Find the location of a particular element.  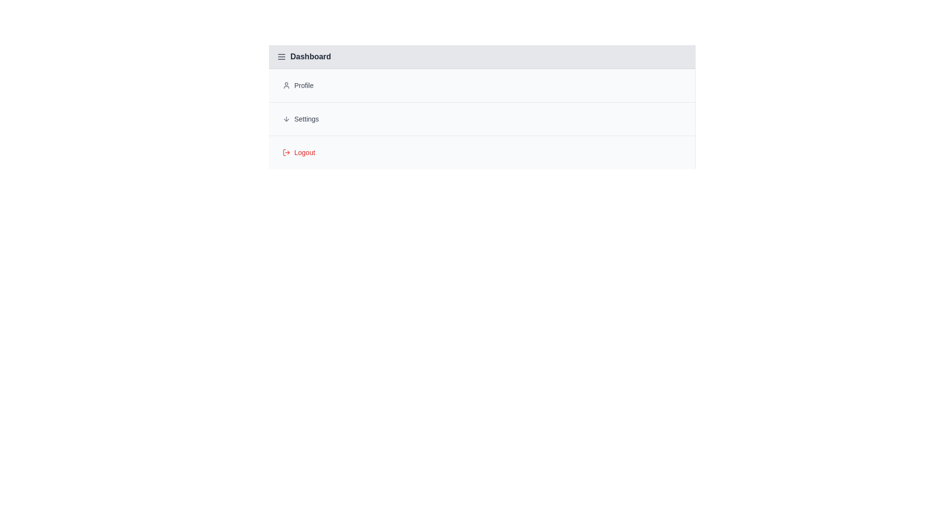

the menu item Profile to interact with it is located at coordinates (482, 85).